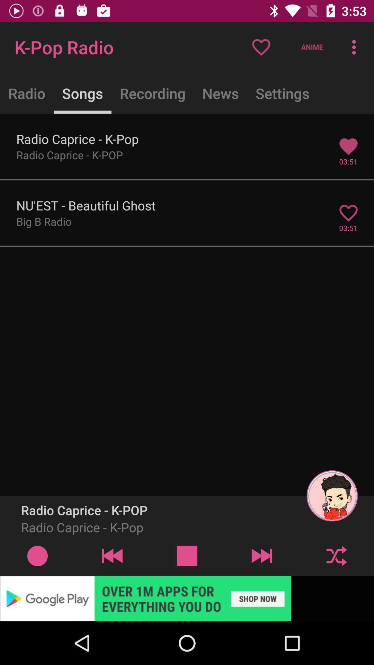  What do you see at coordinates (187, 556) in the screenshot?
I see `stop` at bounding box center [187, 556].